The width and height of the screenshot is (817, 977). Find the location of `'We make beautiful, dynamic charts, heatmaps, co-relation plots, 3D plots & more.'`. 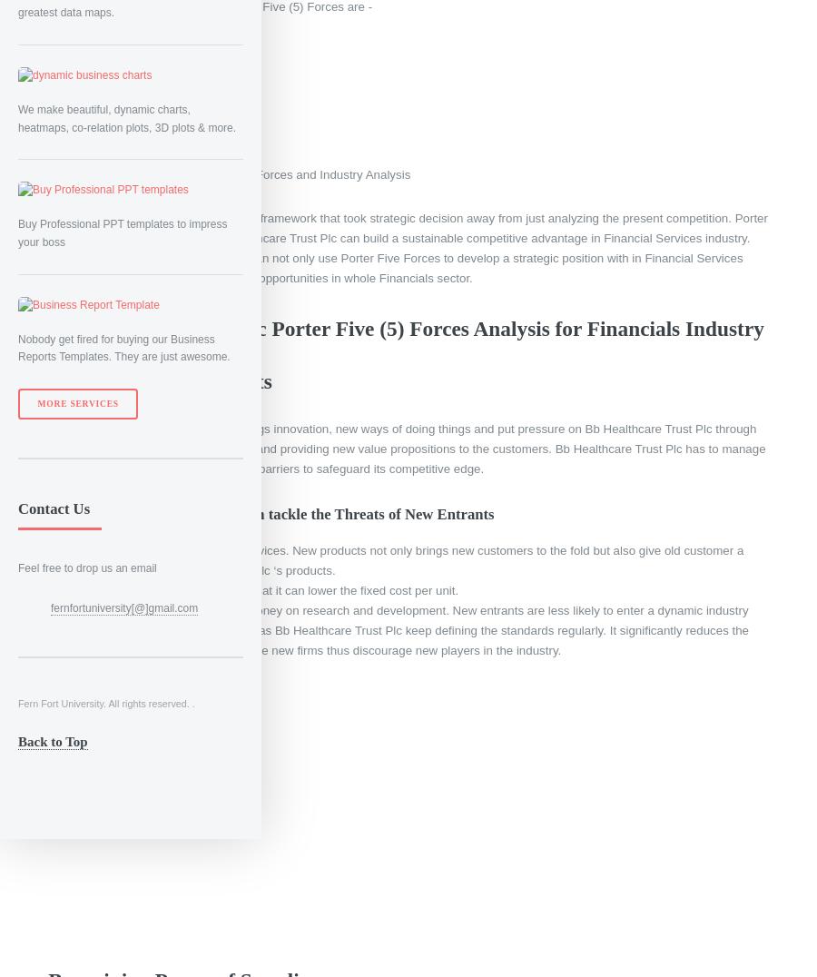

'We make beautiful, dynamic charts, heatmaps, co-relation plots, 3D plots & more.' is located at coordinates (127, 116).